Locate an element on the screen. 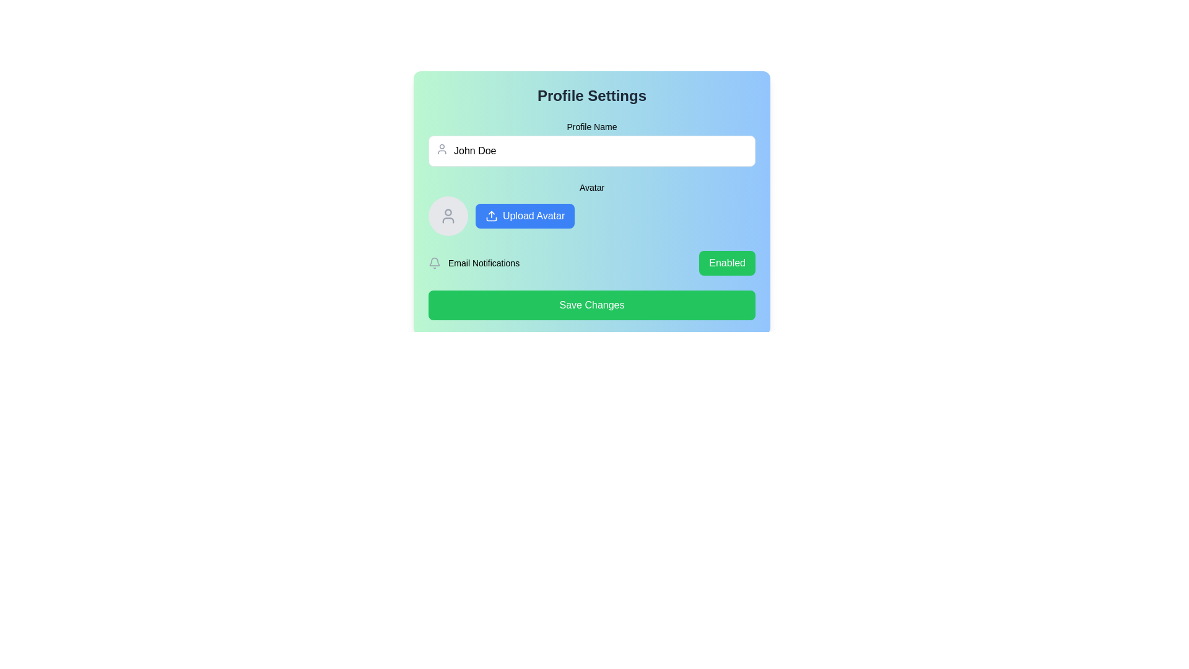 The width and height of the screenshot is (1189, 669). the bell-shaped icon component representing notification settings by clicking on its center is located at coordinates (434, 261).